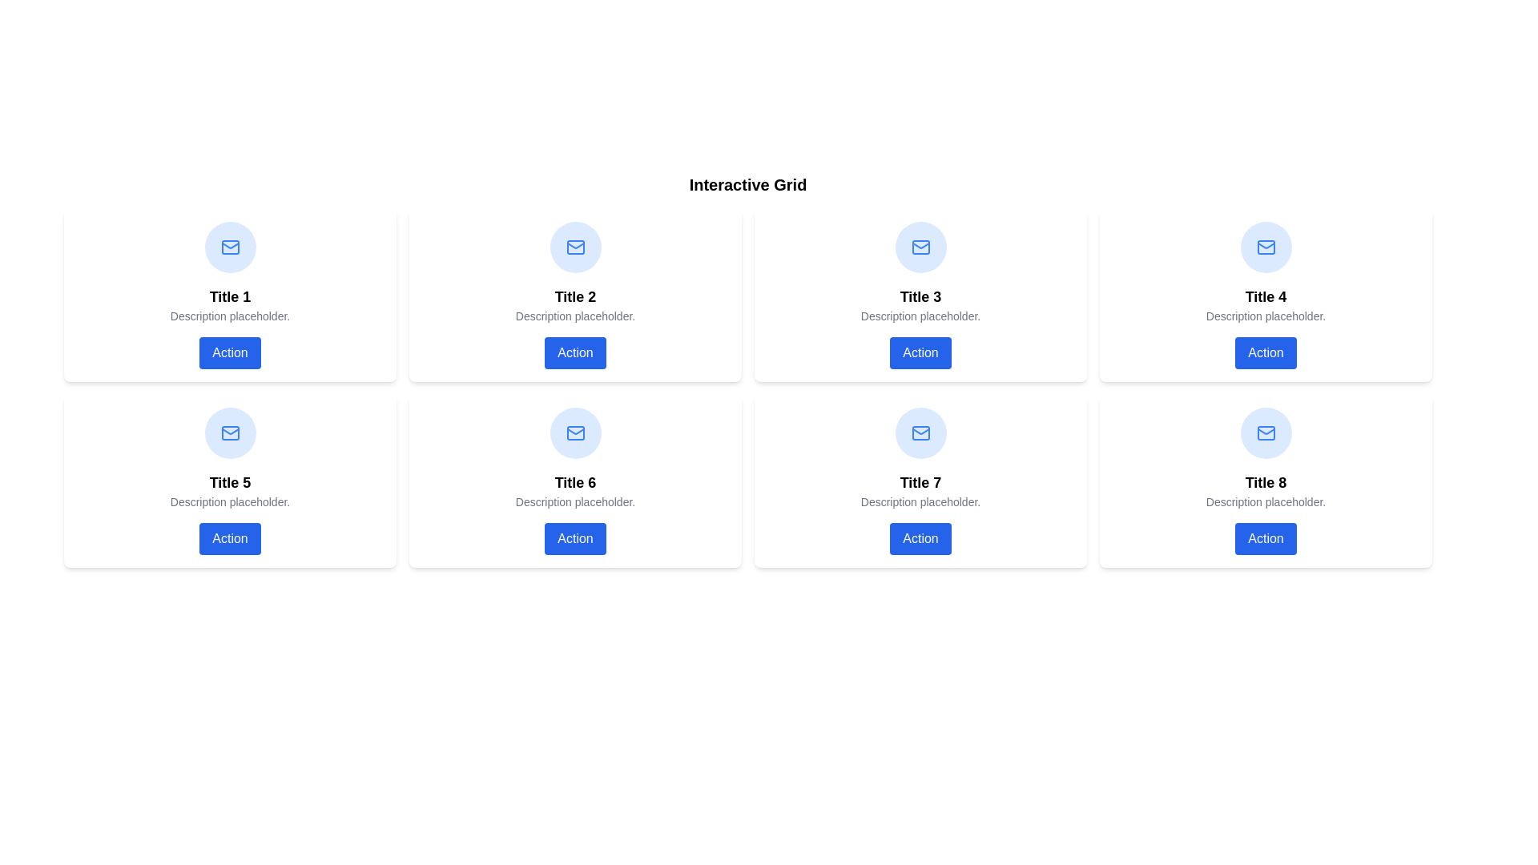  Describe the element at coordinates (575, 247) in the screenshot. I see `the Decorative Icon, which is a circular light blue icon with a mail envelope symbol, located within the card labeled 'Title 2' in the grid layout` at that location.